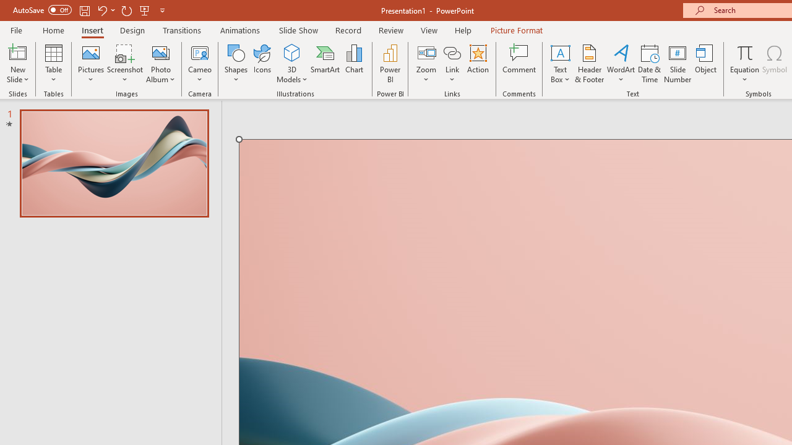 This screenshot has width=792, height=445. I want to click on 'Slide Number', so click(677, 64).